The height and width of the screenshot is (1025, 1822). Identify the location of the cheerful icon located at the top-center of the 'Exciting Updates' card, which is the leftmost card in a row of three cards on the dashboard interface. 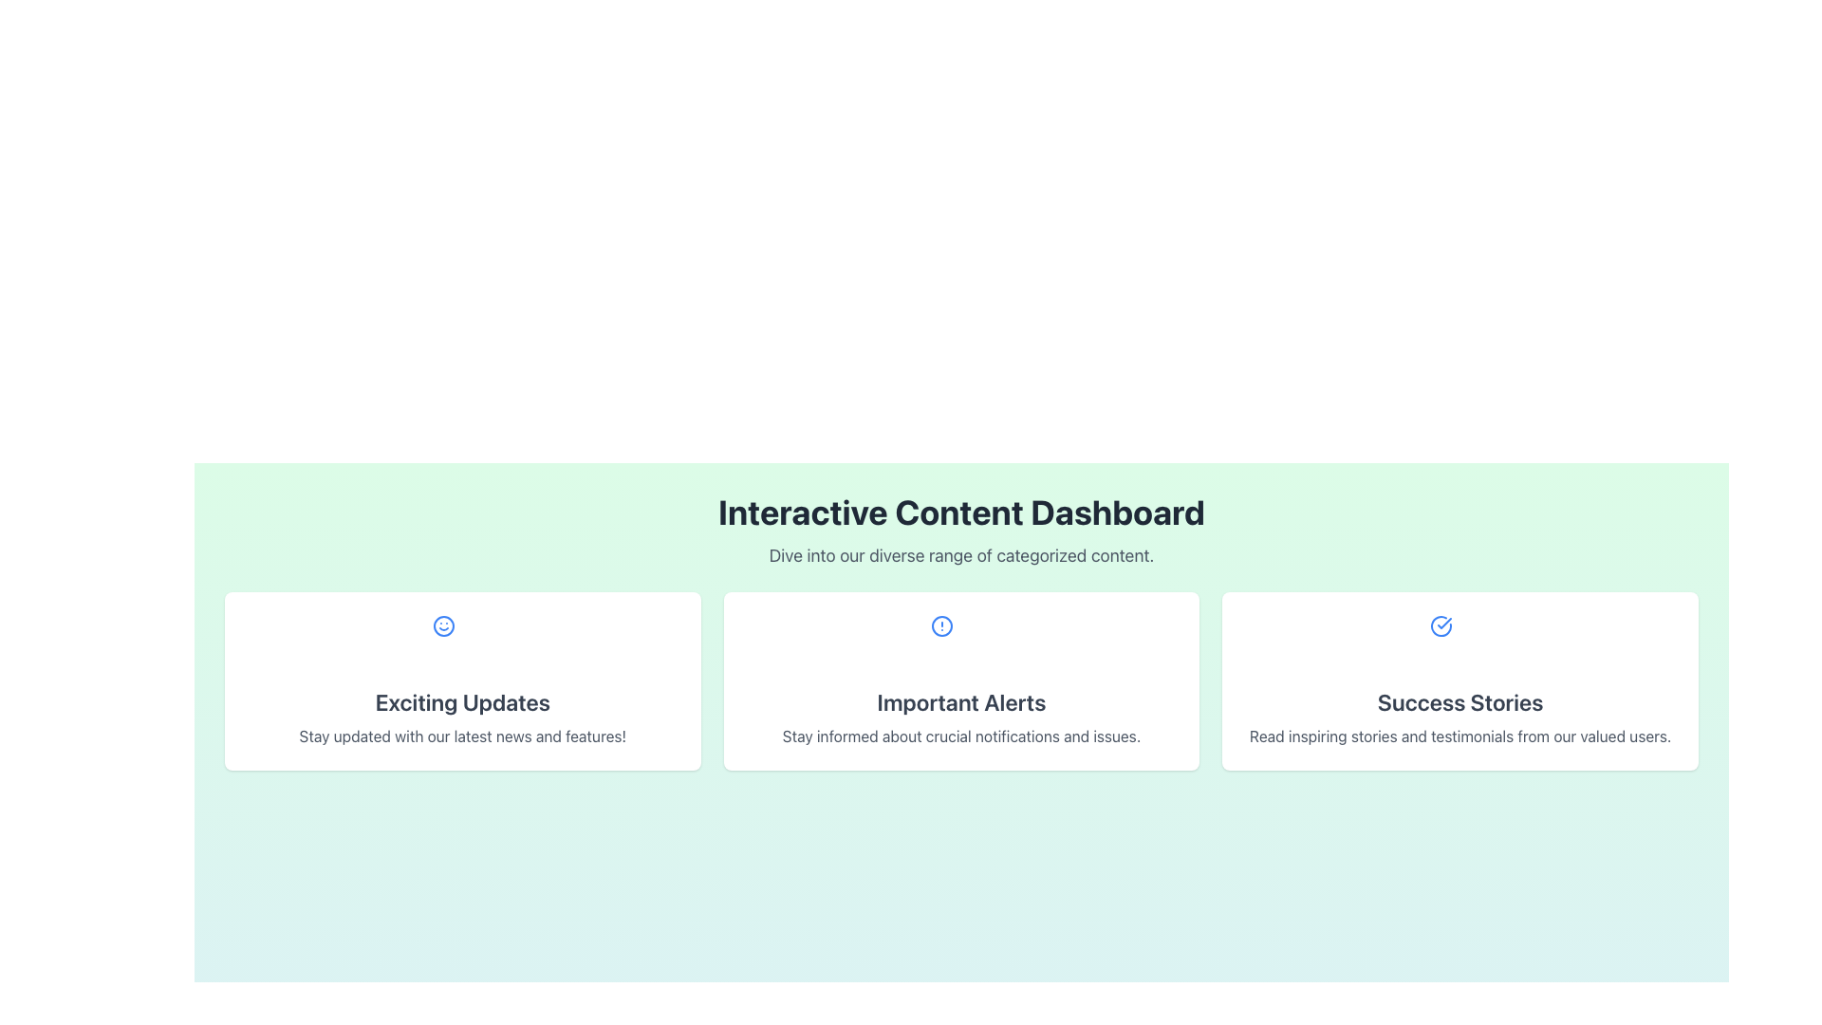
(442, 625).